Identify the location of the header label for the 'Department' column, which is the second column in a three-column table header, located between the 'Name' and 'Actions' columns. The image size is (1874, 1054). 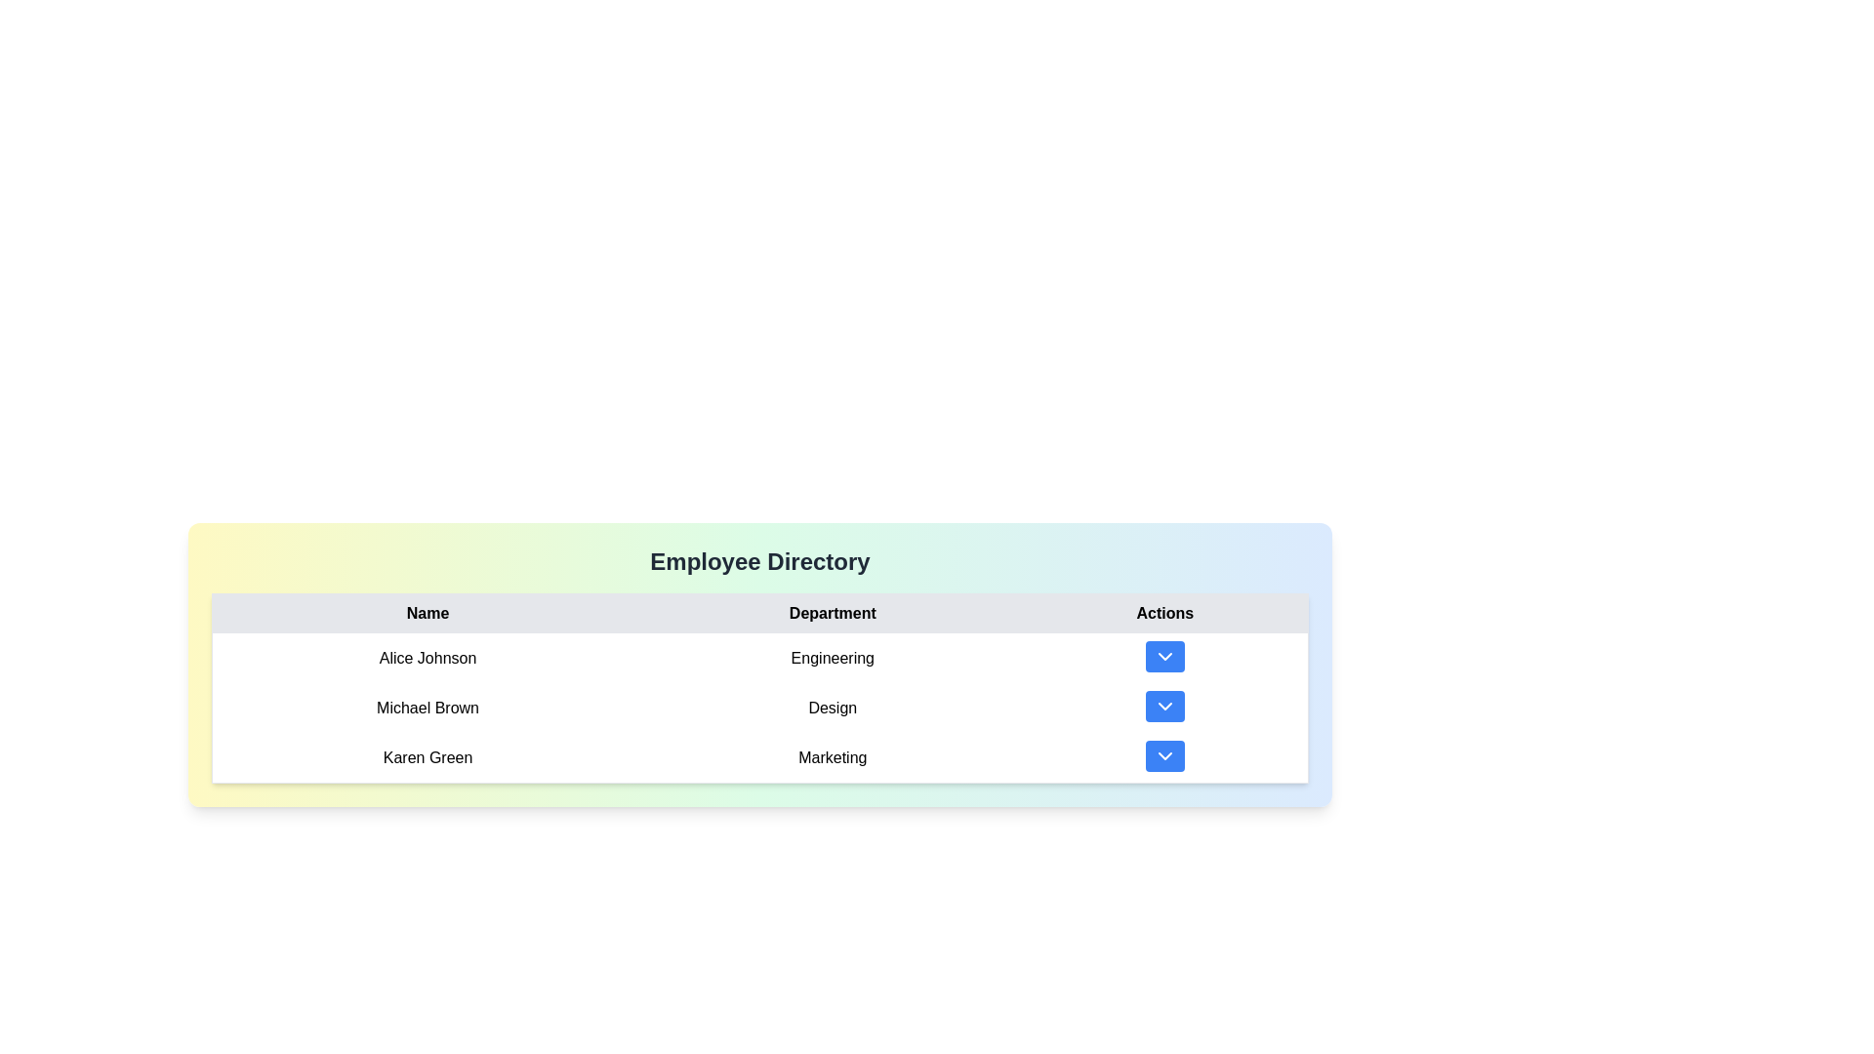
(833, 612).